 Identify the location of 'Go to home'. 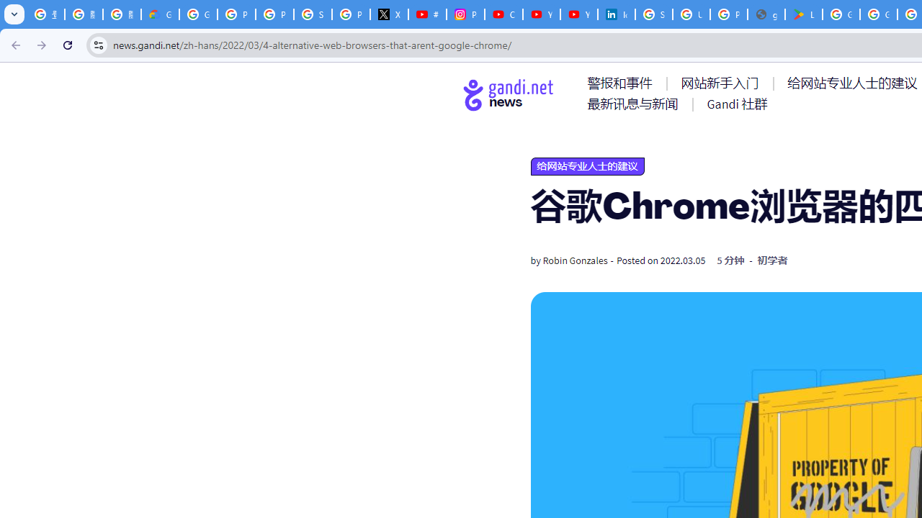
(509, 94).